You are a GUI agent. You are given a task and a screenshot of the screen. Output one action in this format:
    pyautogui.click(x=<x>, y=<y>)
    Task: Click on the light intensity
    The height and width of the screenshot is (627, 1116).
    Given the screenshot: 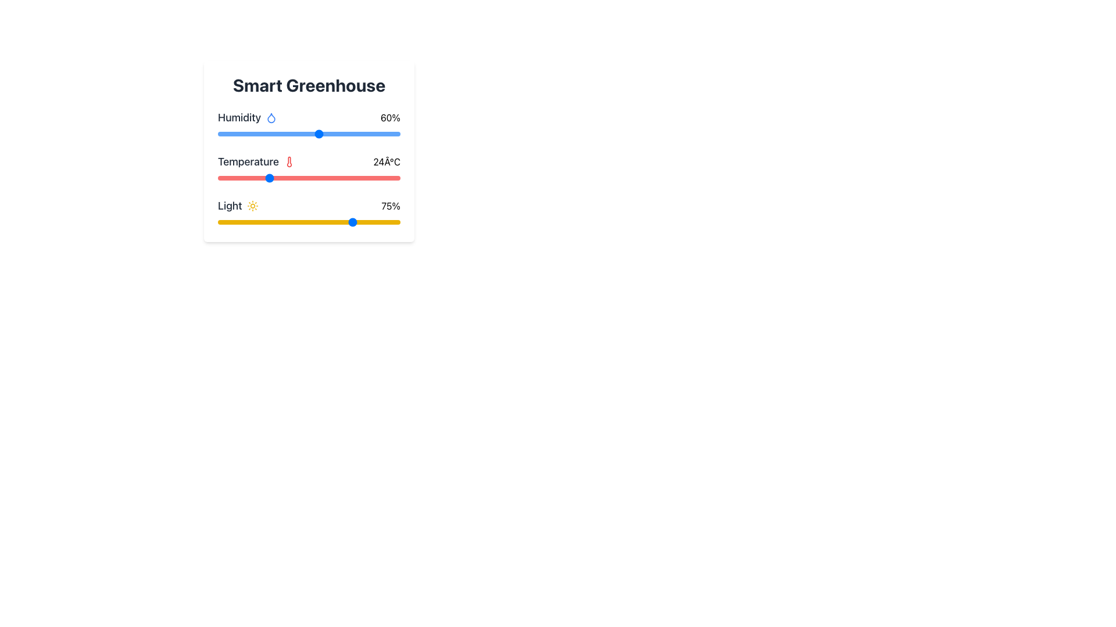 What is the action you would take?
    pyautogui.click(x=332, y=222)
    